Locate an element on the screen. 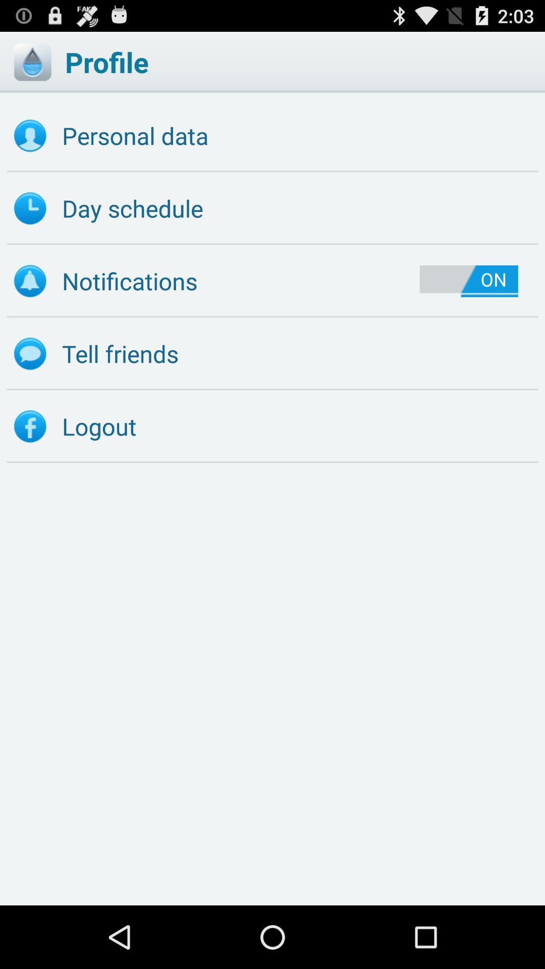 Image resolution: width=545 pixels, height=969 pixels. the icon next to on item is located at coordinates (216, 281).